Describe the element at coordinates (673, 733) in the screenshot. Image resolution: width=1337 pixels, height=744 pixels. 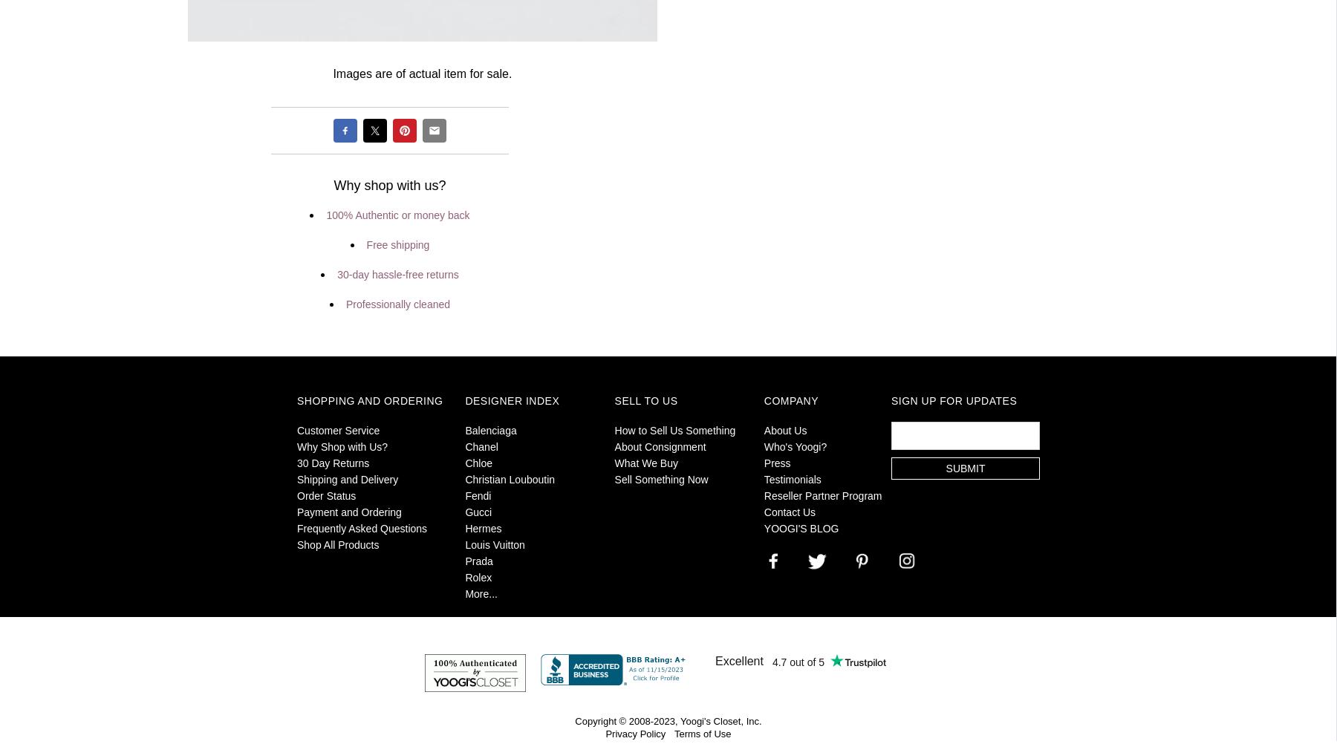
I see `'Terms of Use'` at that location.